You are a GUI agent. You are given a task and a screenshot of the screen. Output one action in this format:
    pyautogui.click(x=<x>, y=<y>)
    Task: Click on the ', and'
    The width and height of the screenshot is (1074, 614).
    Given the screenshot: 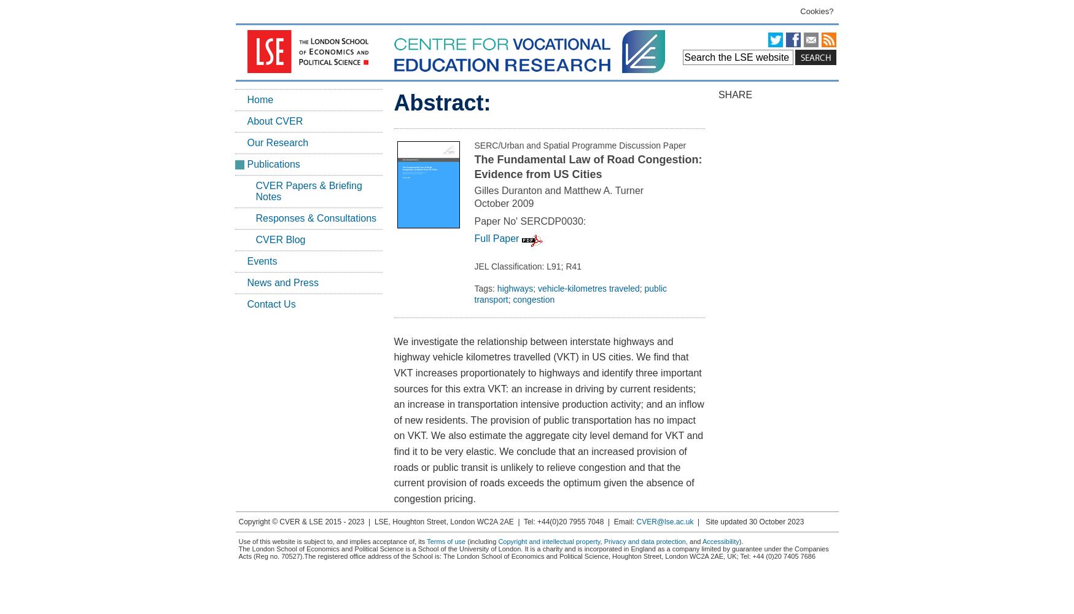 What is the action you would take?
    pyautogui.click(x=693, y=542)
    